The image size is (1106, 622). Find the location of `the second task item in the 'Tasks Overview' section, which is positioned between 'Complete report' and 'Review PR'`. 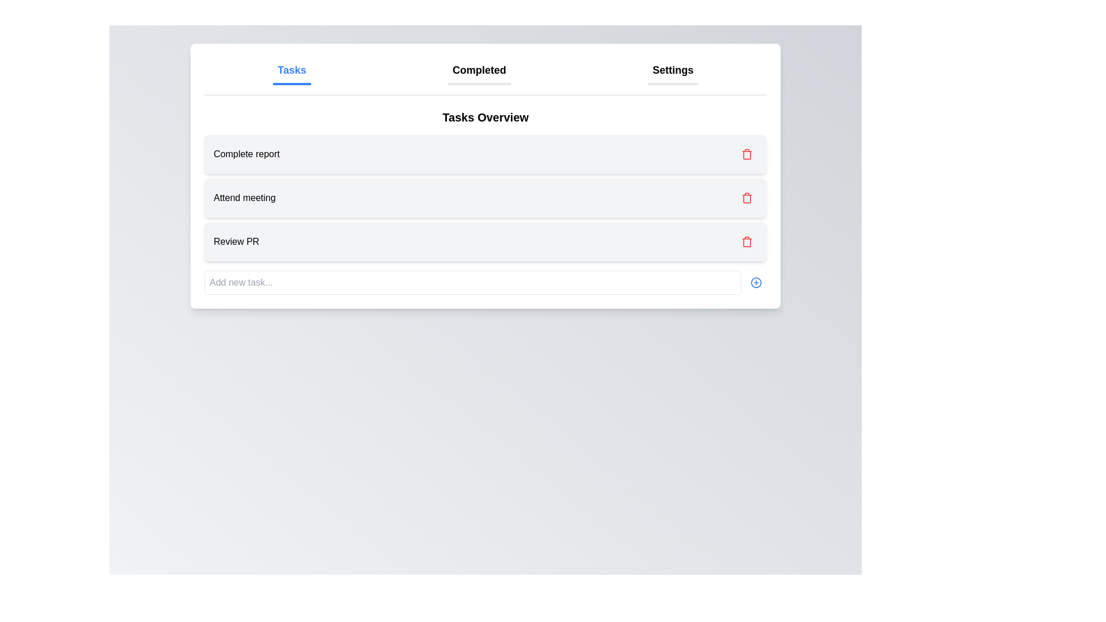

the second task item in the 'Tasks Overview' section, which is positioned between 'Complete report' and 'Review PR' is located at coordinates (486, 197).